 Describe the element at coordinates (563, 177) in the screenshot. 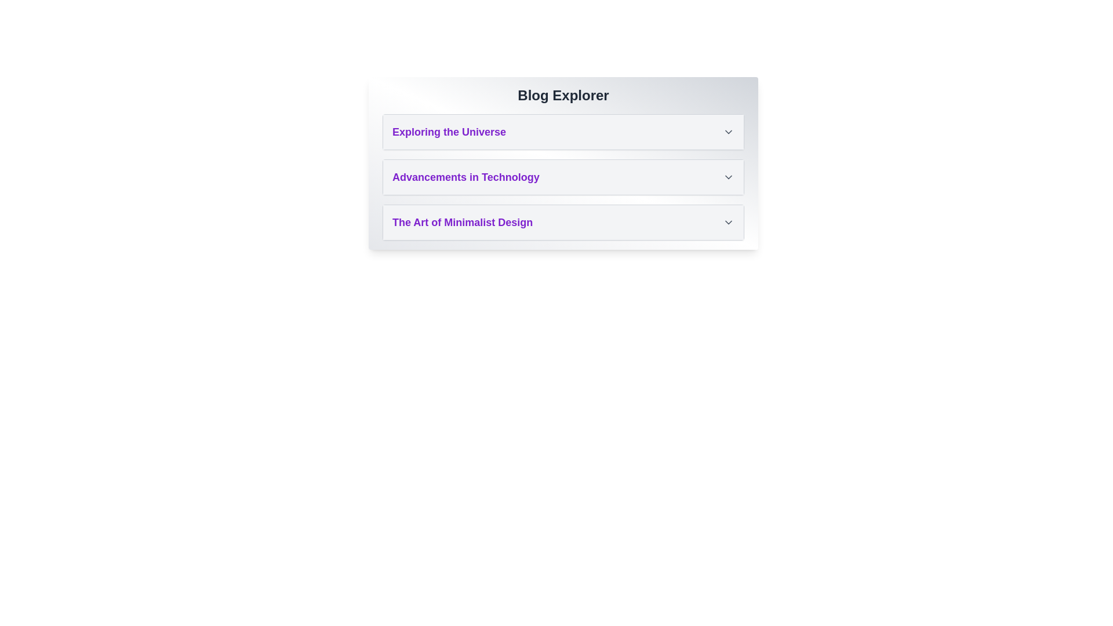

I see `the 'Advancements in Technology' expandable list item` at that location.